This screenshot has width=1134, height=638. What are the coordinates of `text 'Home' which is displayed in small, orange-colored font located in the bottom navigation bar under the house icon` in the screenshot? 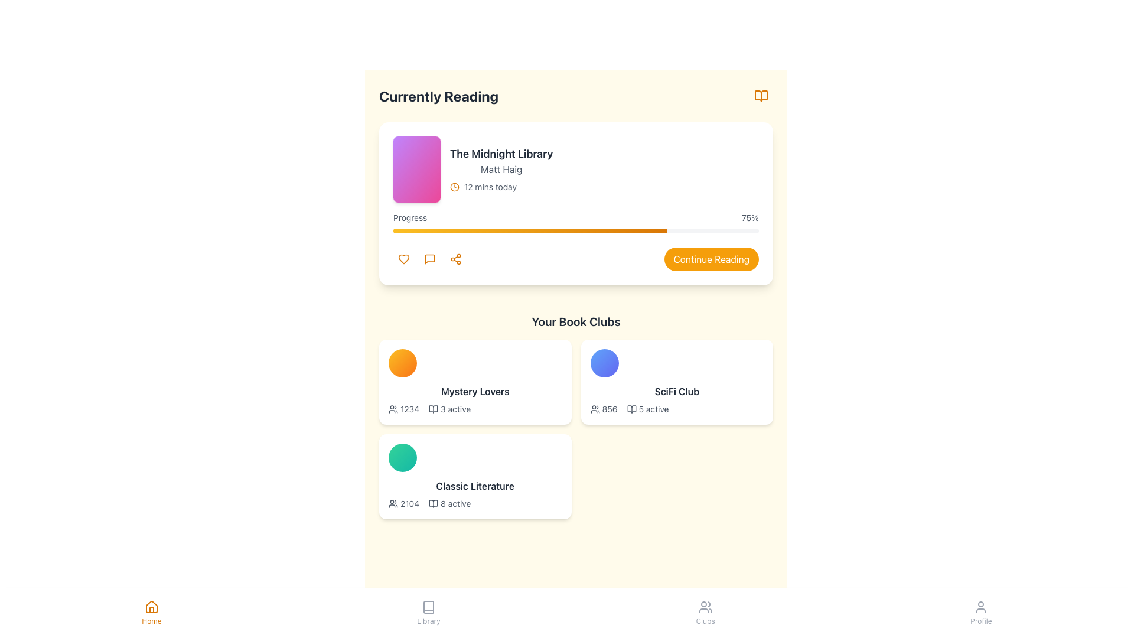 It's located at (151, 621).